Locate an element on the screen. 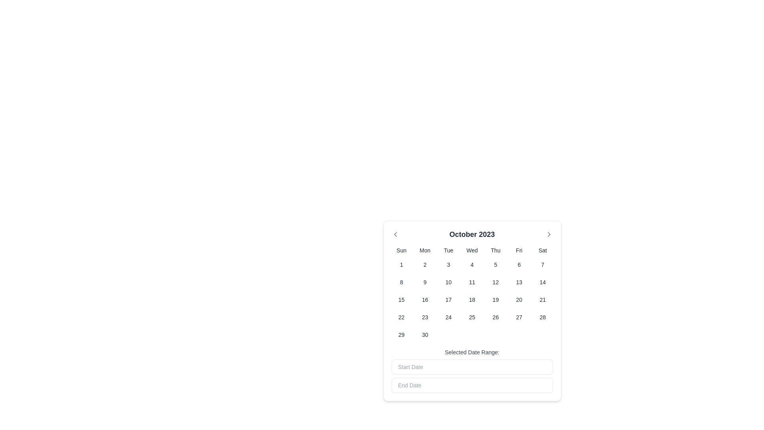  the button displaying the numeral '9' in the weekday block under 'Mon' is located at coordinates (425, 282).